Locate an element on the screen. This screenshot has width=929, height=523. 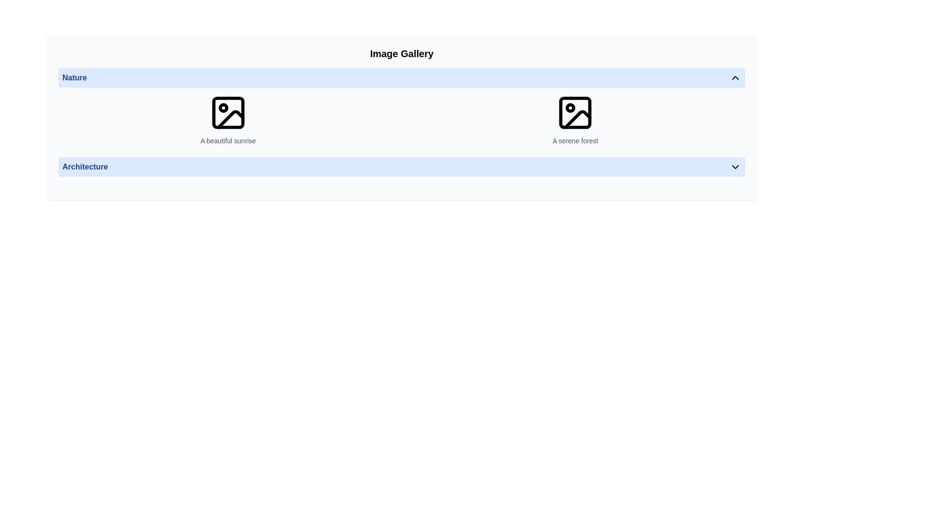
text label 'Nature' which is styled with a bold font in blue, located on the left side of a horizontal bar at the top of the interface is located at coordinates (74, 77).